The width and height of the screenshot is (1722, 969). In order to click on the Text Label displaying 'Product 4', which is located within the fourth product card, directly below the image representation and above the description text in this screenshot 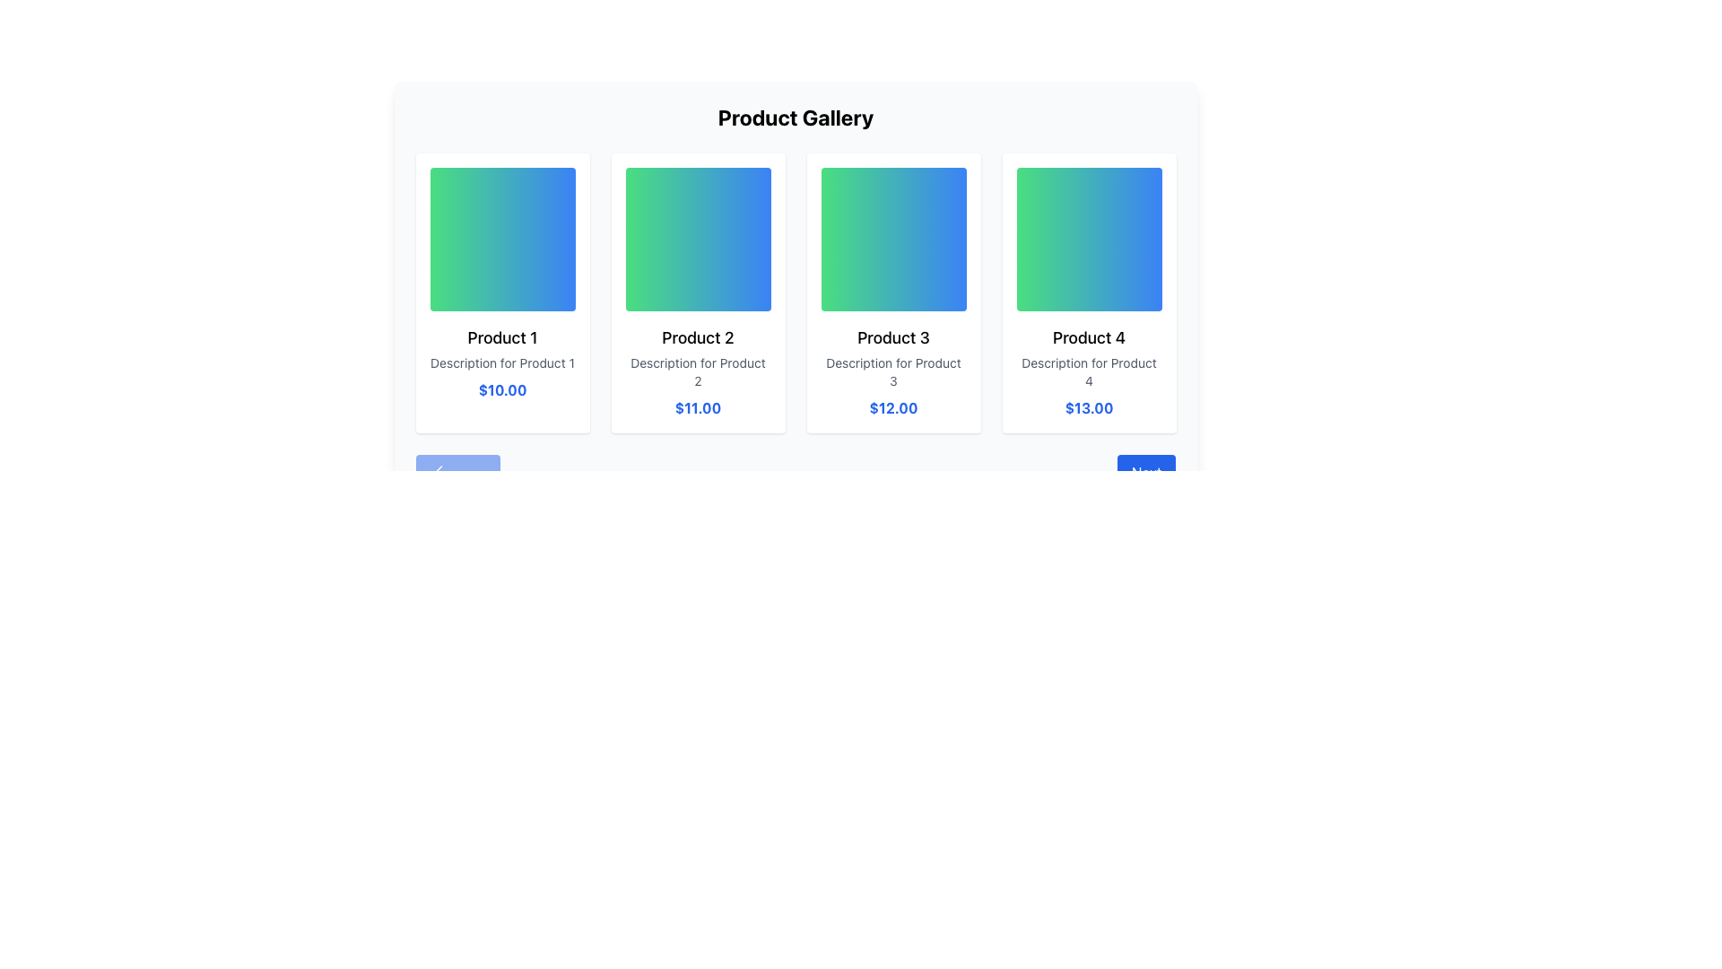, I will do `click(1088, 338)`.